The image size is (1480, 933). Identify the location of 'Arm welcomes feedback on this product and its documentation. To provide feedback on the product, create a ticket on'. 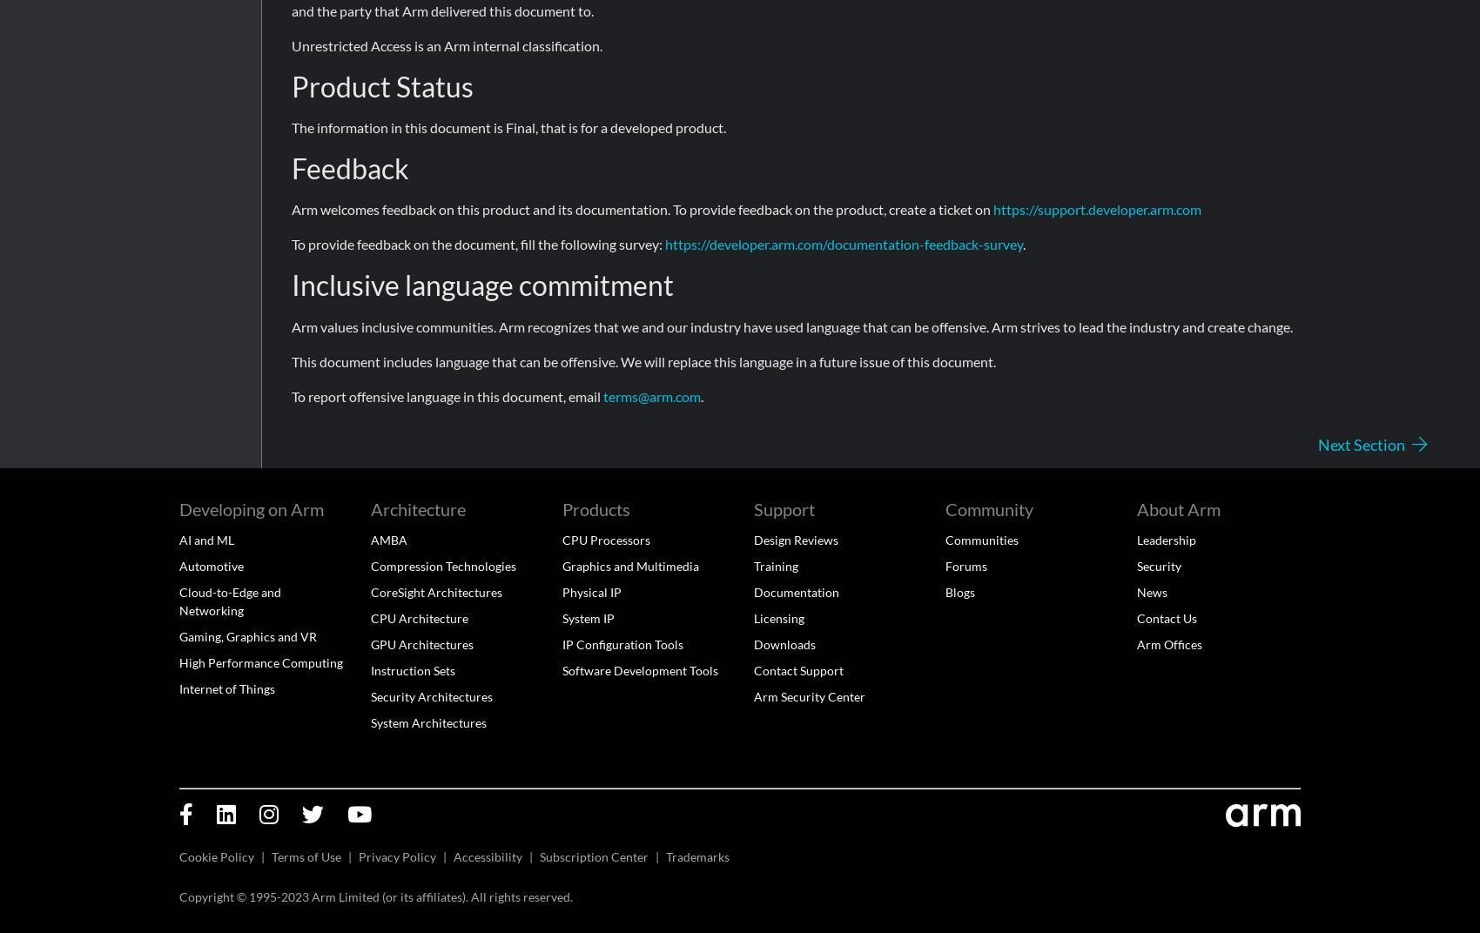
(642, 209).